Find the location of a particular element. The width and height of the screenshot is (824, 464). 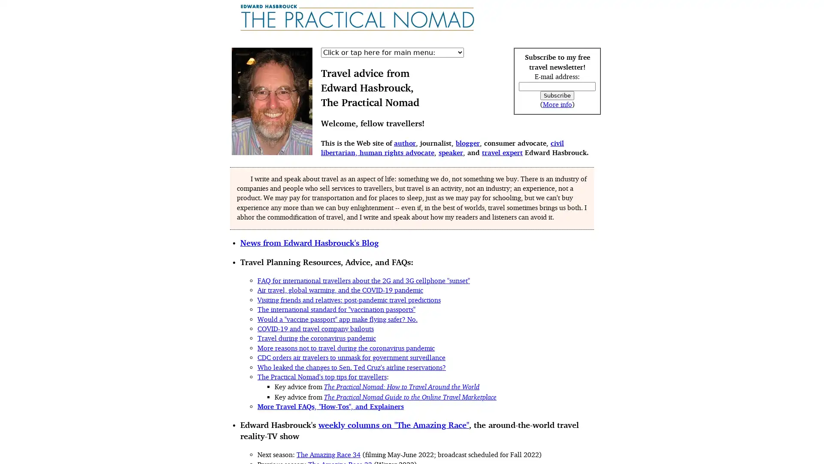

Subscribe is located at coordinates (557, 95).